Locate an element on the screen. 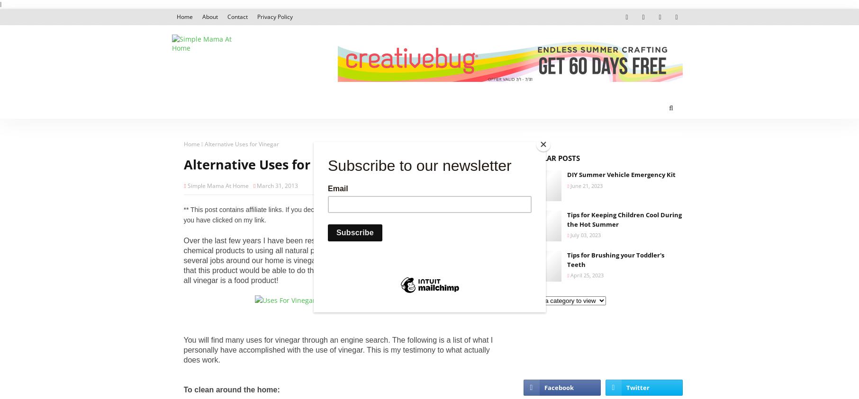  'Simple Mama At Home' is located at coordinates (217, 185).